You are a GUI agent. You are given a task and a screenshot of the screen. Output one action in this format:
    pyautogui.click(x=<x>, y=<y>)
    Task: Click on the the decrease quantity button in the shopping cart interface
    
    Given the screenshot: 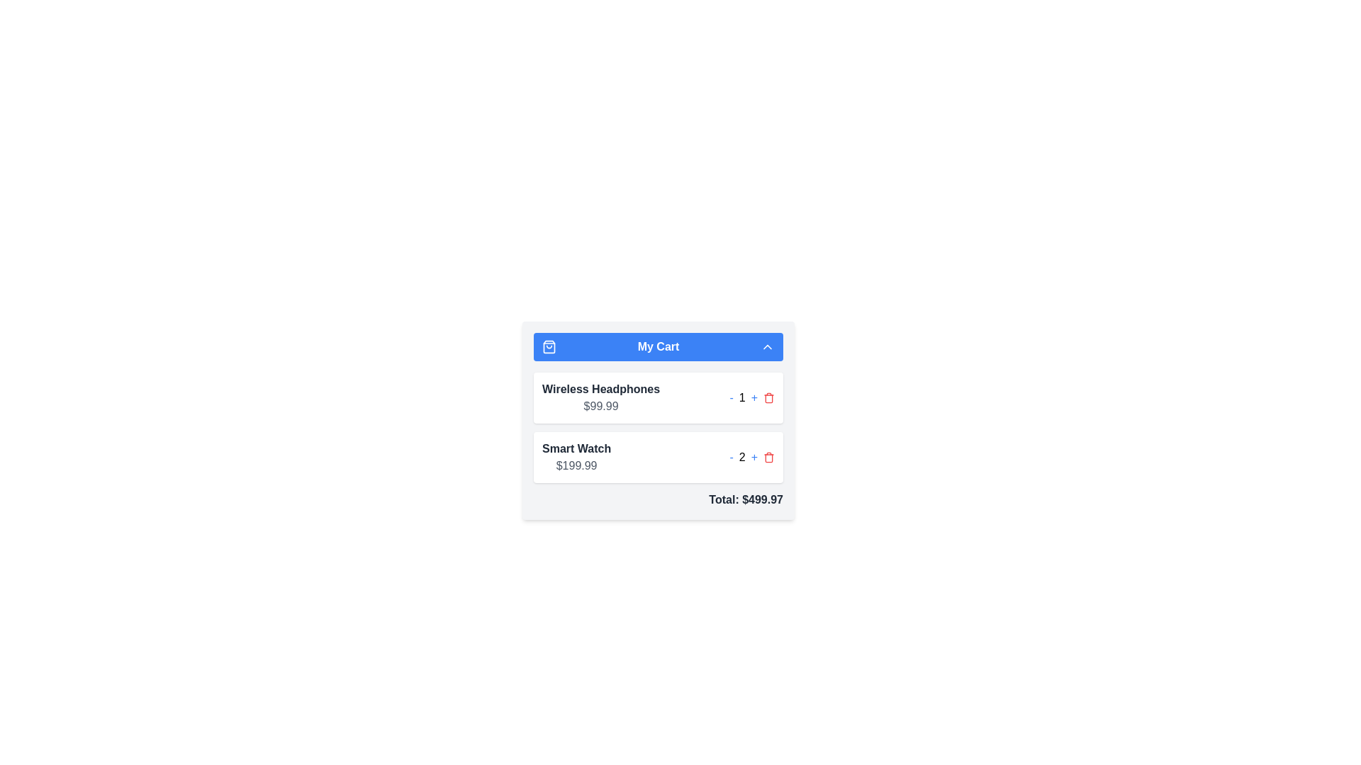 What is the action you would take?
    pyautogui.click(x=732, y=398)
    